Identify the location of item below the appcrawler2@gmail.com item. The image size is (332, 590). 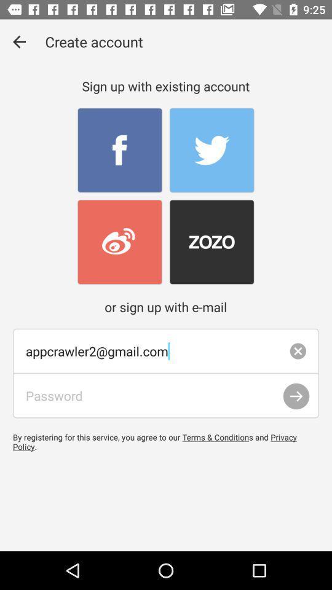
(296, 396).